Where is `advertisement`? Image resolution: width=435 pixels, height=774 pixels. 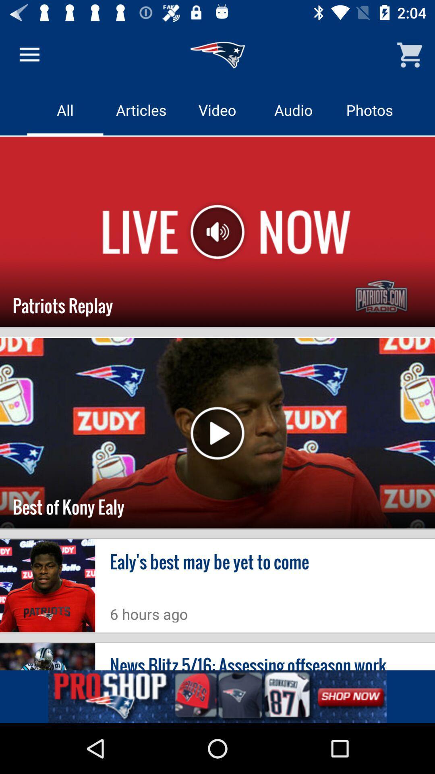 advertisement is located at coordinates (217, 696).